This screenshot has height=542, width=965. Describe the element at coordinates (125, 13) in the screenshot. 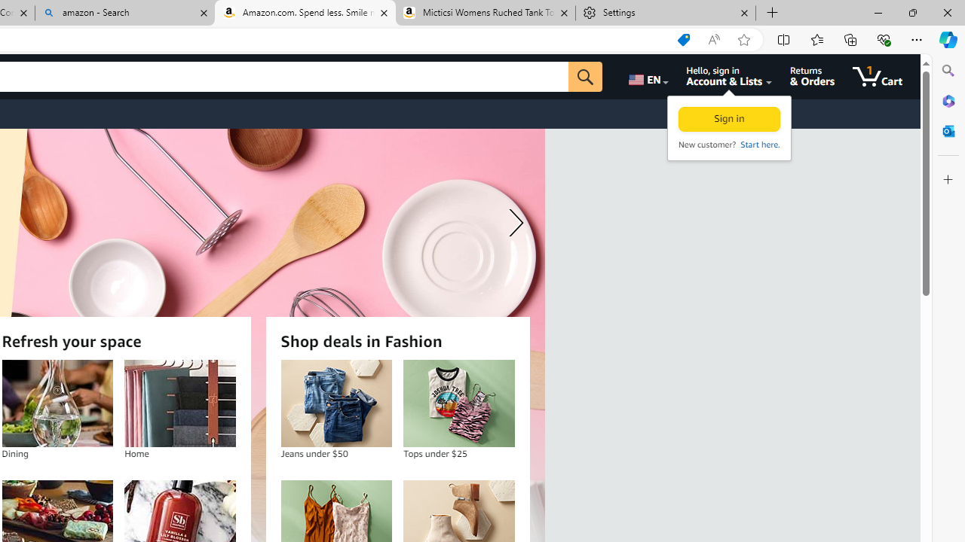

I see `'amazon - Search'` at that location.